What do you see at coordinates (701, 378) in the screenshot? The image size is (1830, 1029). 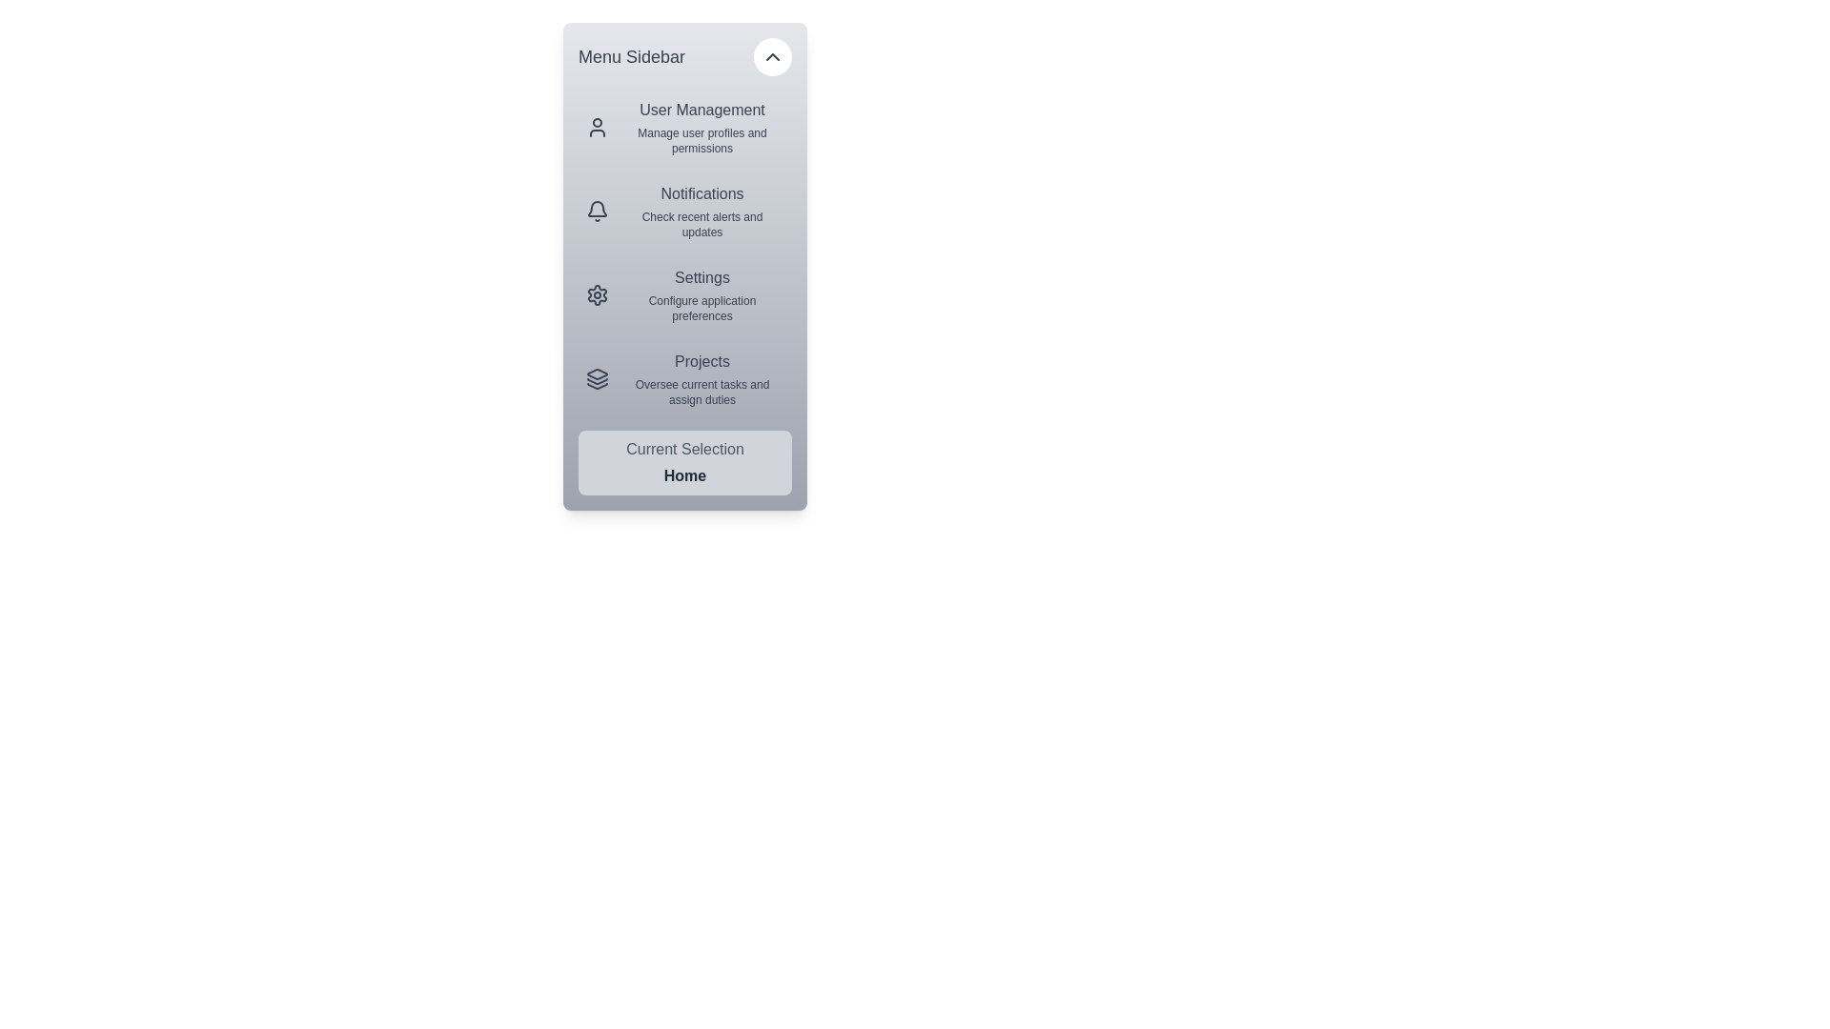 I see `the 'Projects' menu item, which features a bold header and descriptive text` at bounding box center [701, 378].